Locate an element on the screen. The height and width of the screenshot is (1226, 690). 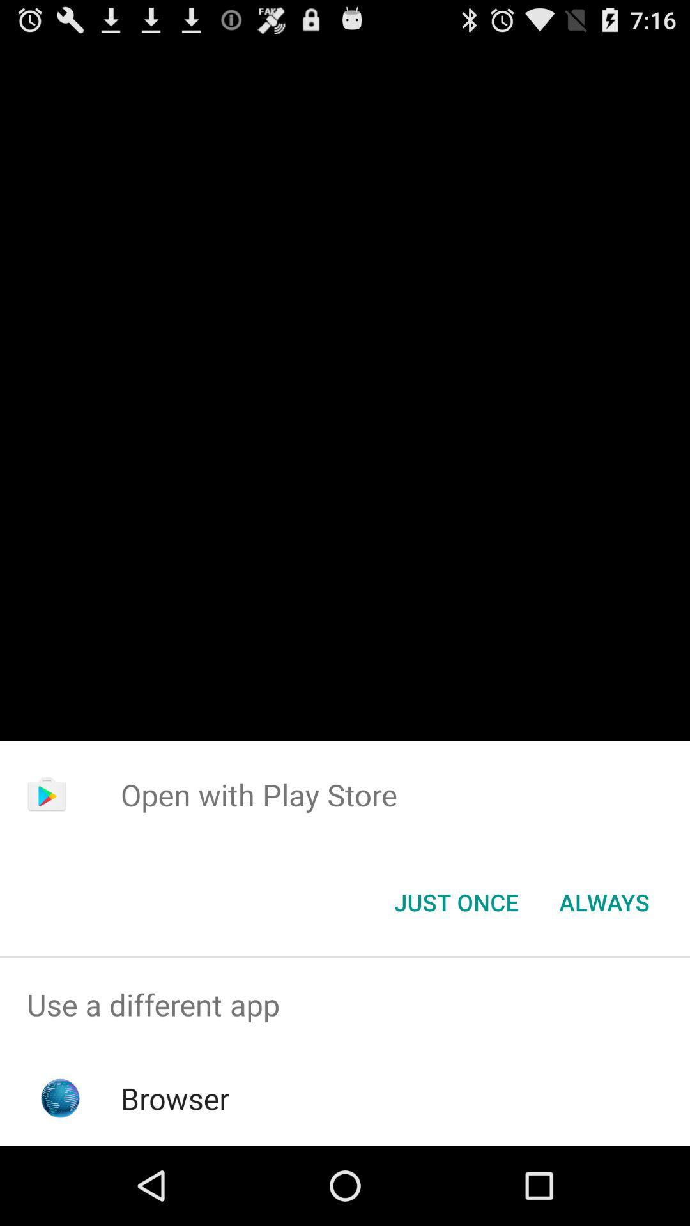
the item above the browser is located at coordinates (345, 1004).